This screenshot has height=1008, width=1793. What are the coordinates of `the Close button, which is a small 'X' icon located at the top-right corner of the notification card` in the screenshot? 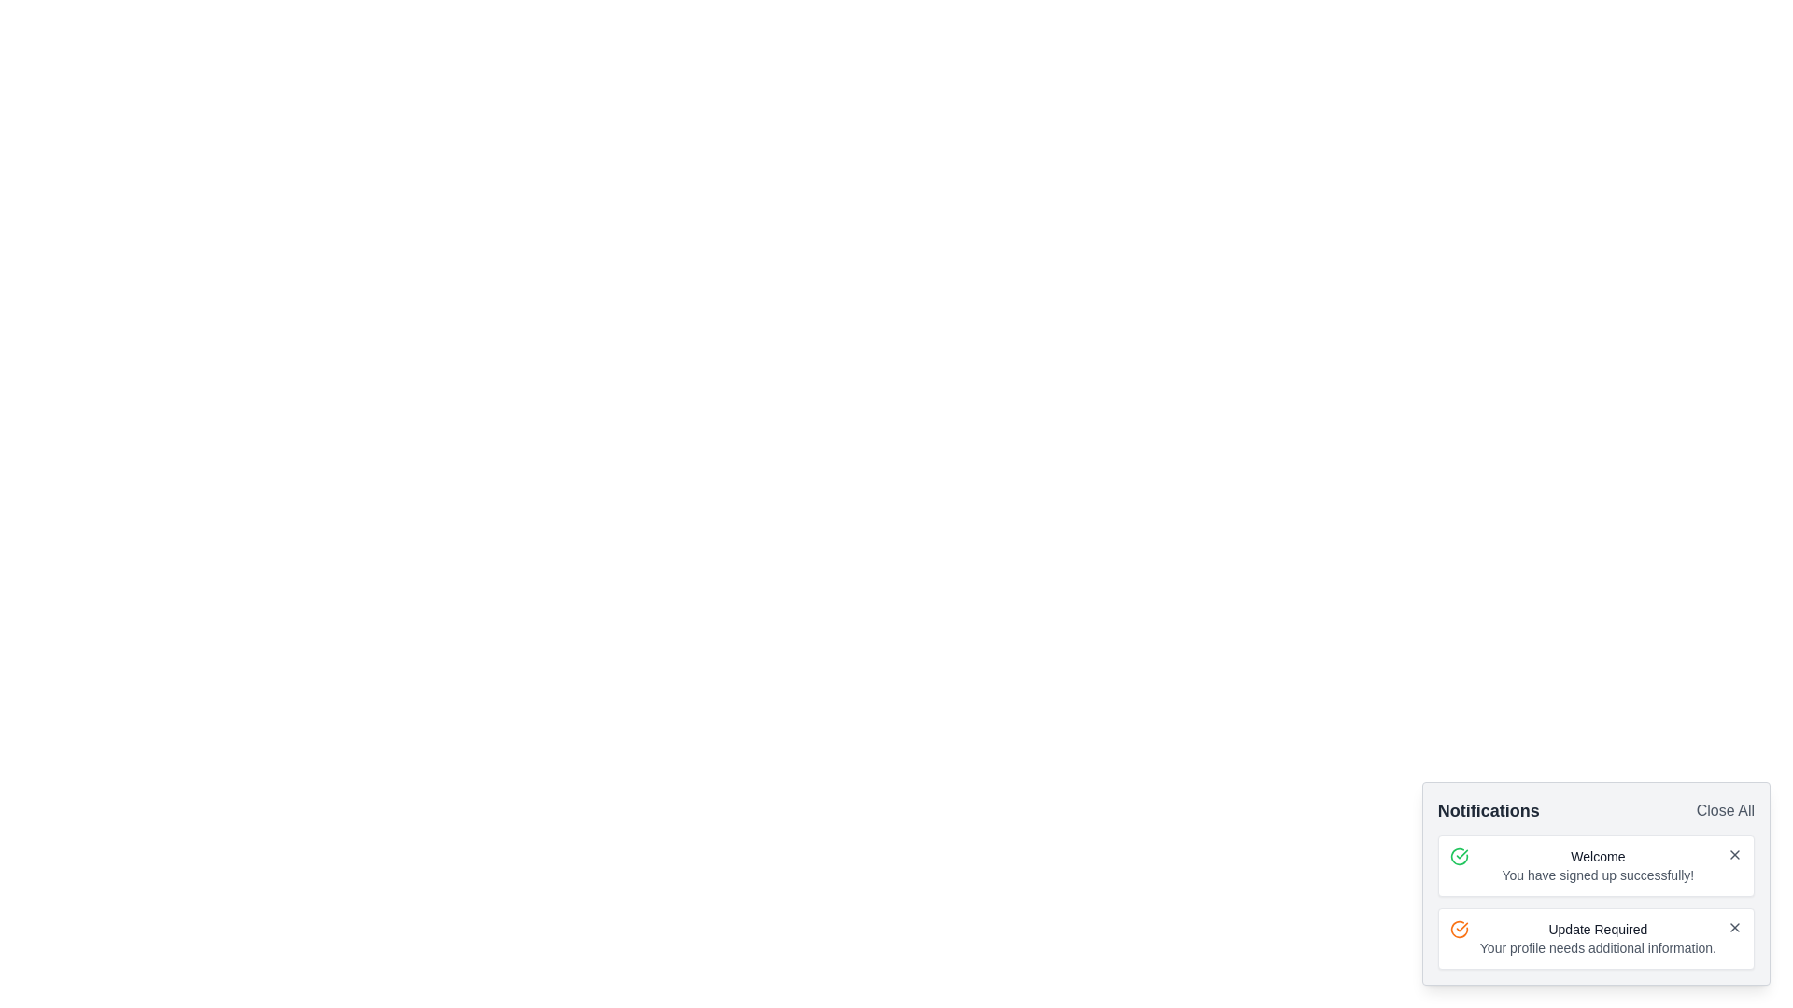 It's located at (1733, 854).